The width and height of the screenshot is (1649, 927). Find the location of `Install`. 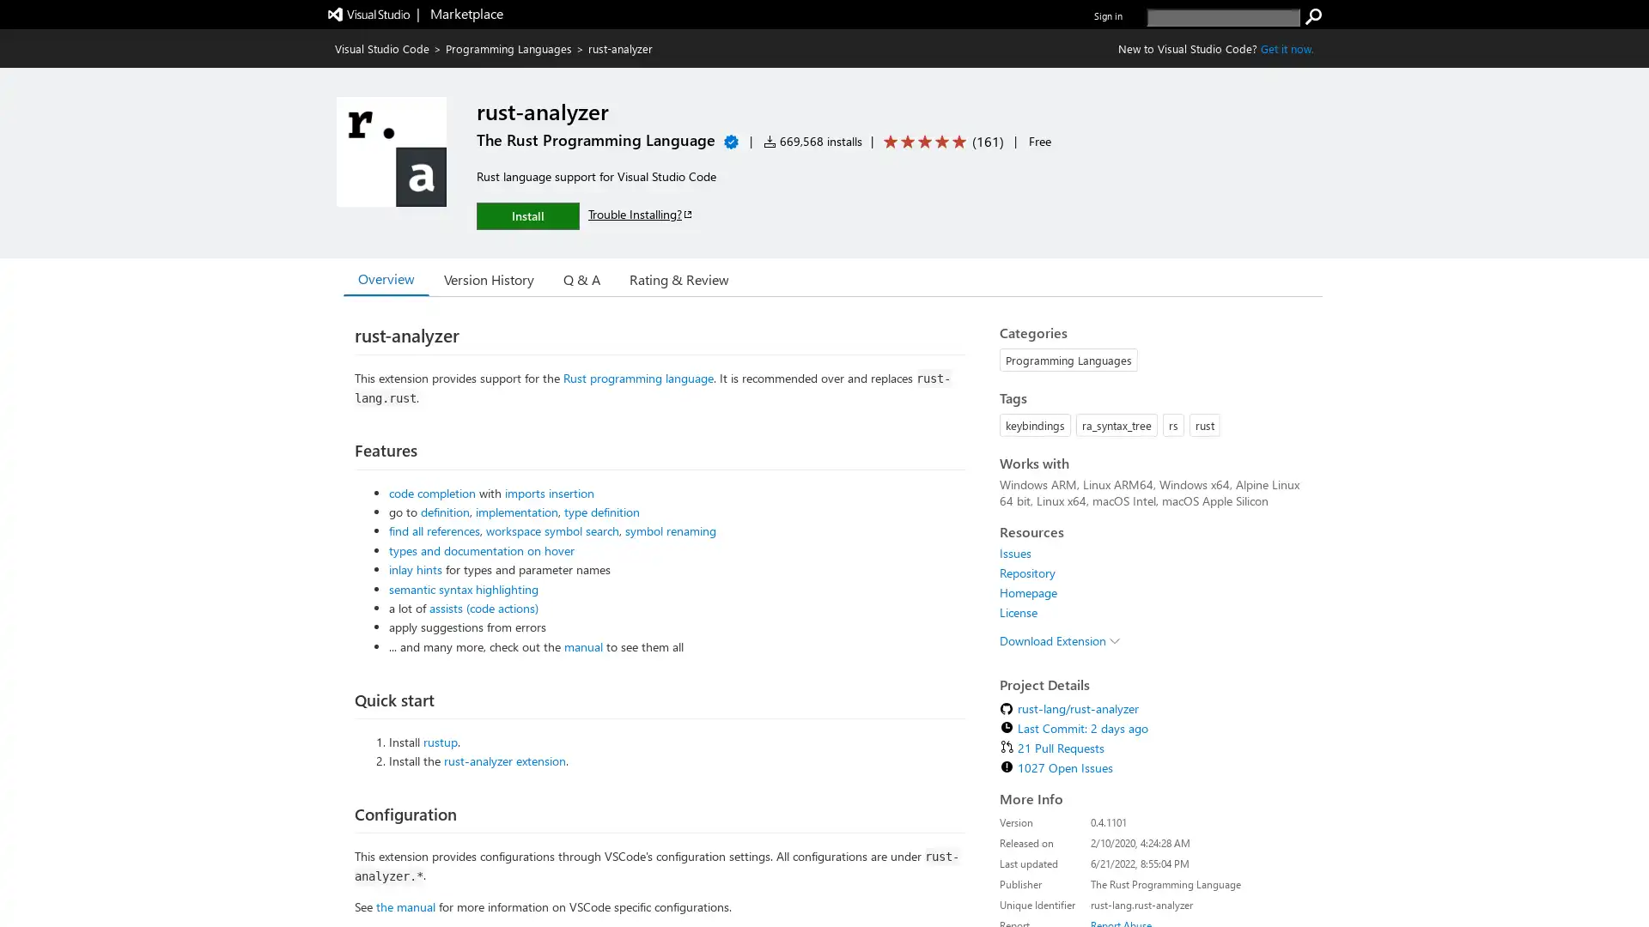

Install is located at coordinates (526, 215).